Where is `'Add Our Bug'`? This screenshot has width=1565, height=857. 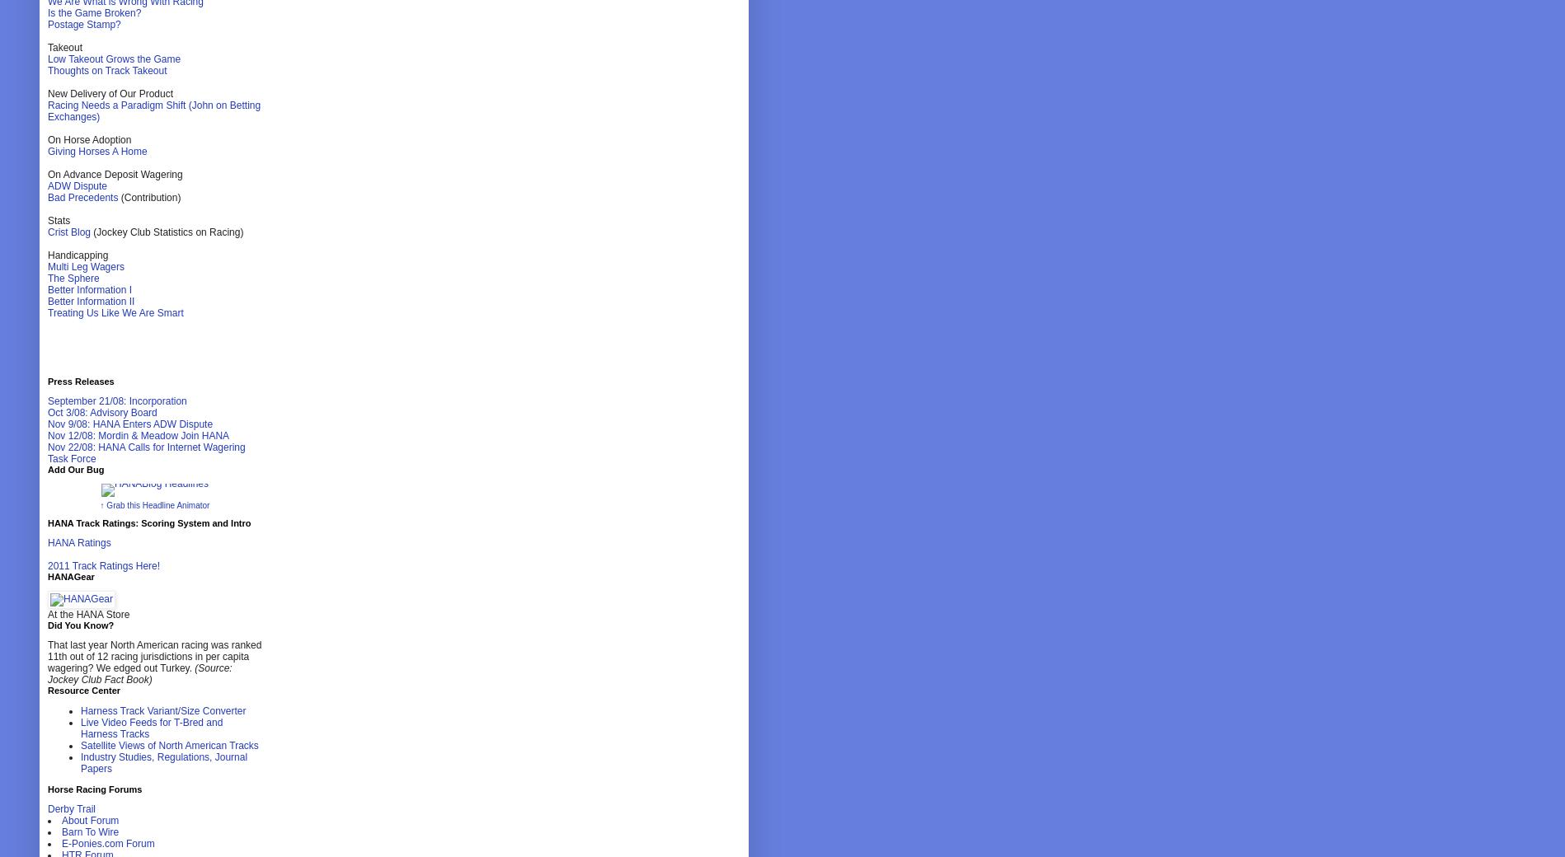
'Add Our Bug' is located at coordinates (76, 469).